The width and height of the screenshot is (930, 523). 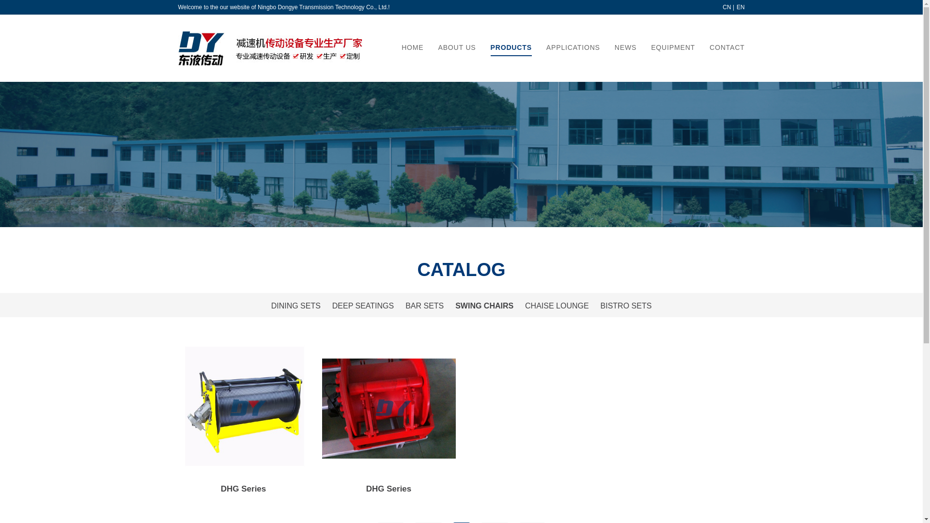 What do you see at coordinates (511, 47) in the screenshot?
I see `'PRODUCTS'` at bounding box center [511, 47].